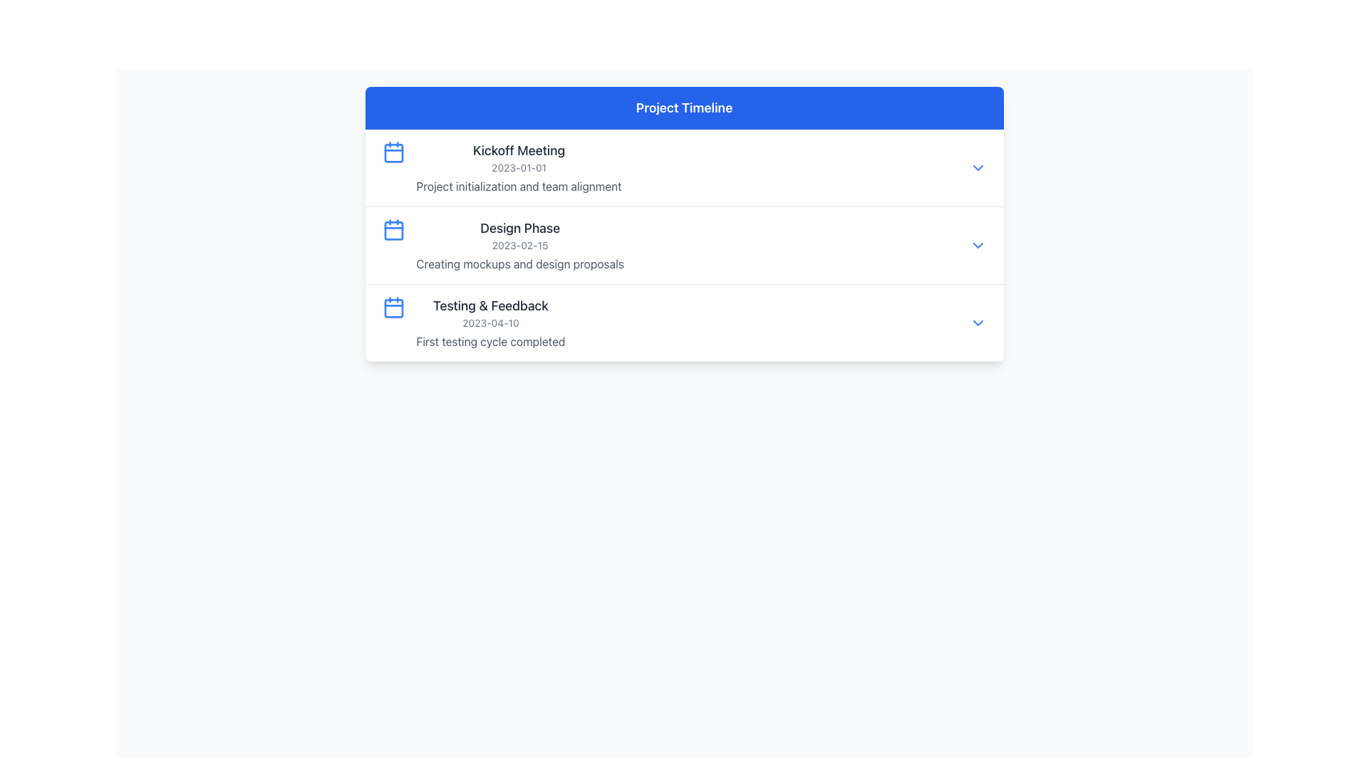 The height and width of the screenshot is (769, 1368). What do you see at coordinates (684, 244) in the screenshot?
I see `the dropdown to the right of the middle timeline entry` at bounding box center [684, 244].